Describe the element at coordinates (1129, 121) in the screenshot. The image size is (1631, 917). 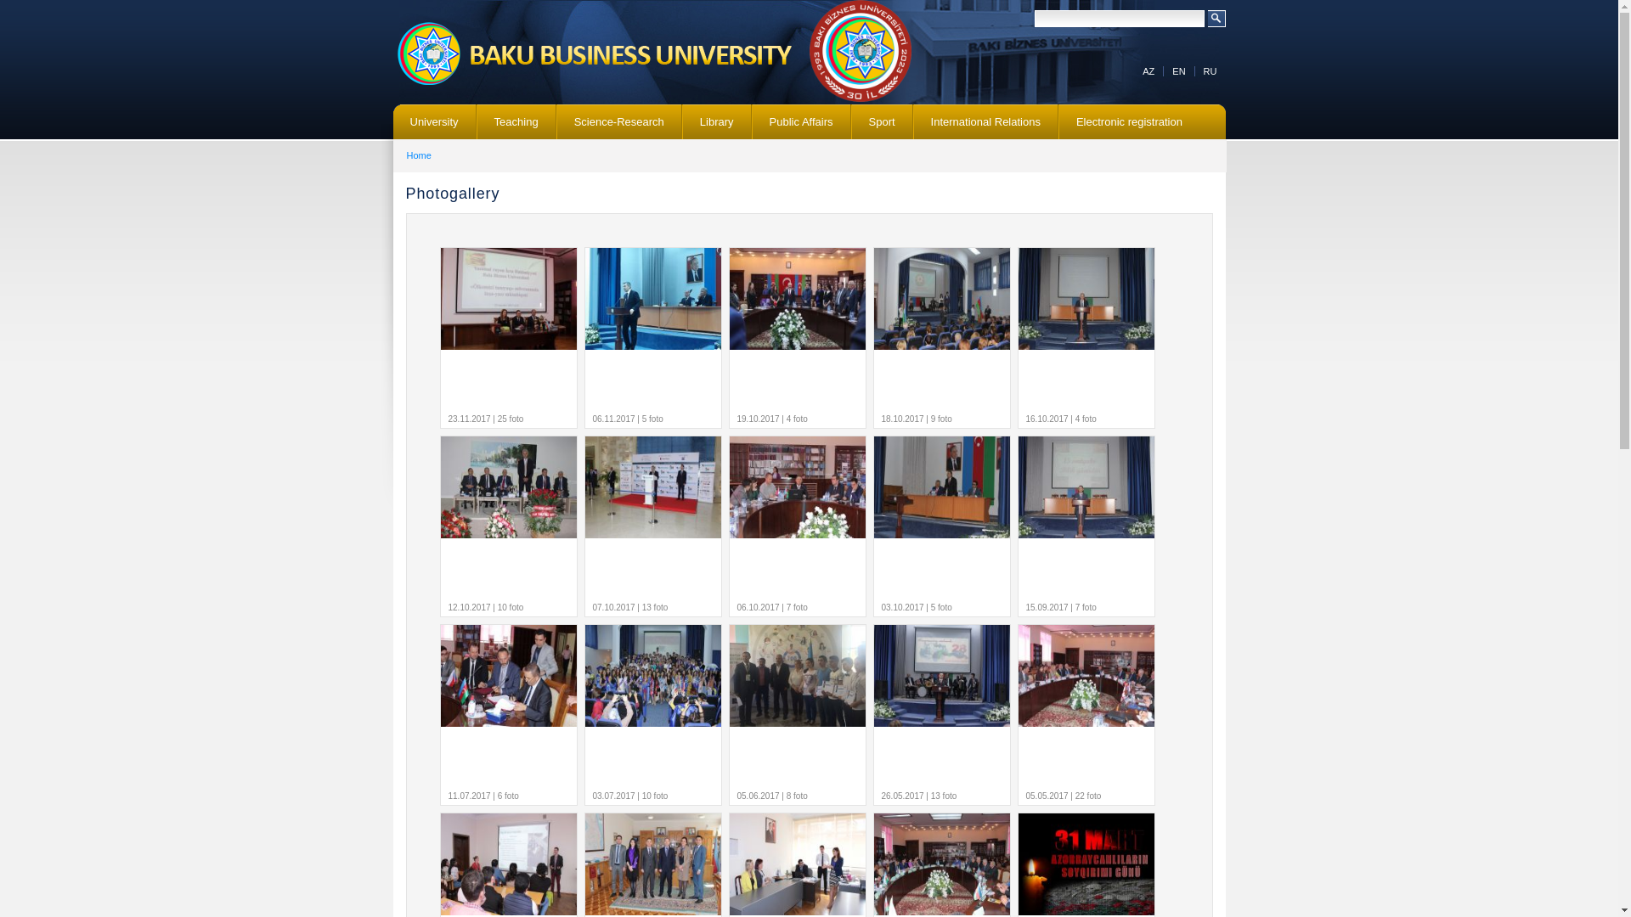
I see `'Electronic registration'` at that location.